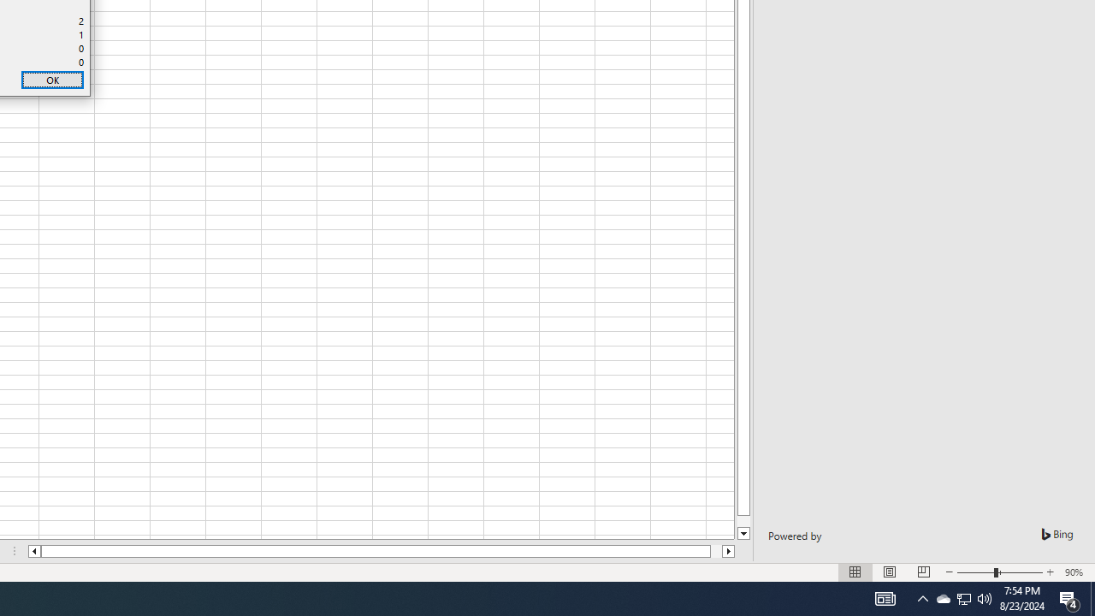 The height and width of the screenshot is (616, 1095). I want to click on 'OK', so click(52, 80).